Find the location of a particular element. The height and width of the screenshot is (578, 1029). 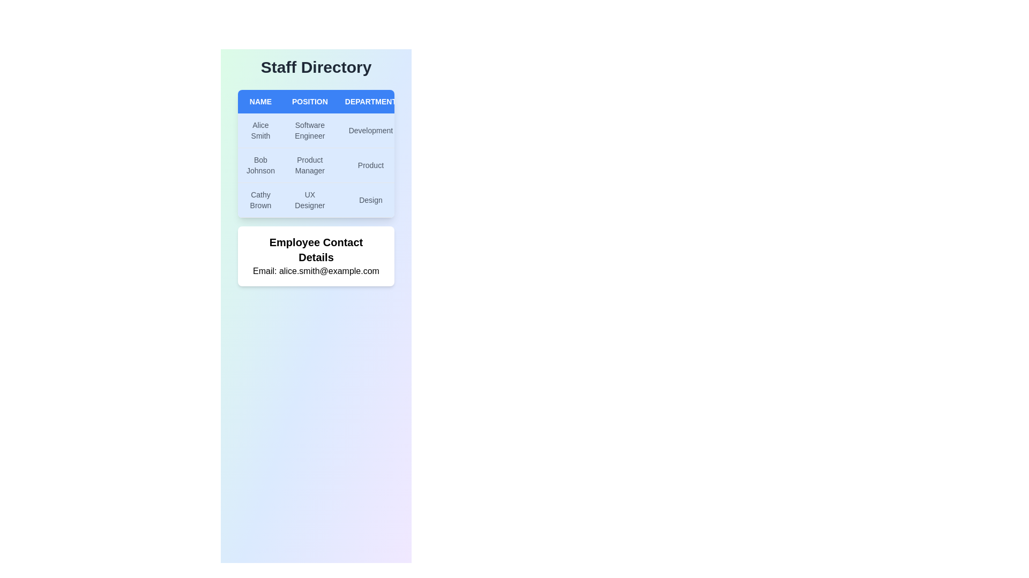

the second row of the table in the 'Staff Directory' section displaying employee information for 'Bob Johnson', who is a 'Product Manager' in the 'Product' department is located at coordinates (347, 165).